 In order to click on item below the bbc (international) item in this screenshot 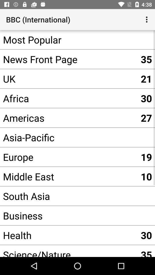, I will do `click(69, 39)`.